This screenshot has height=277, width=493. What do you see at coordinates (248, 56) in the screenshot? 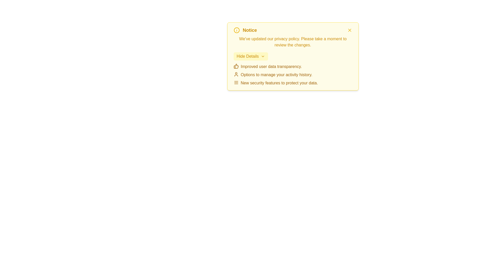
I see `text content of the 'Hide Details' label, which is styled in yellow color within a light yellow rectangular backdrop, located at the top of a notice component and to the left of a chevron-down icon` at bounding box center [248, 56].